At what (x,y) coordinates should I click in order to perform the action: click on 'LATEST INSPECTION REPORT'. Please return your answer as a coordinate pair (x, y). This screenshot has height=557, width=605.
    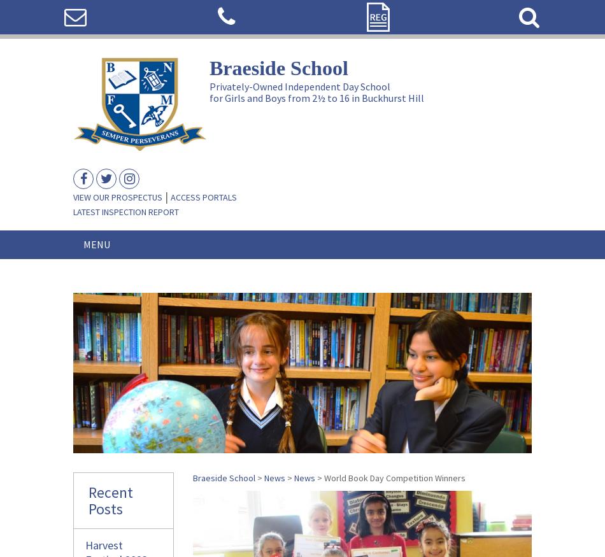
    Looking at the image, I should click on (125, 212).